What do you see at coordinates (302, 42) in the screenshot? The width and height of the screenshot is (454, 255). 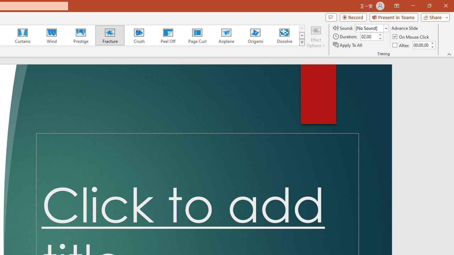 I see `'Transition Effects'` at bounding box center [302, 42].